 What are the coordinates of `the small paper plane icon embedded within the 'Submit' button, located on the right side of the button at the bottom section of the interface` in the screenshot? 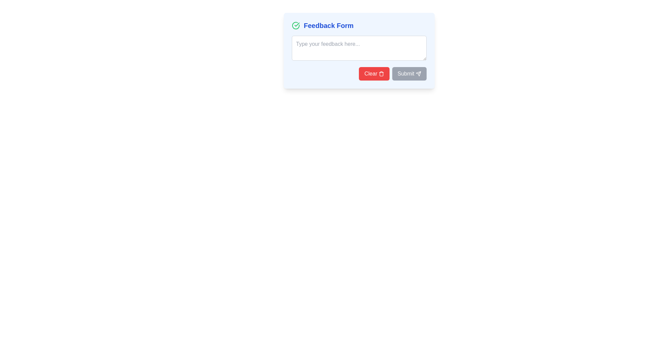 It's located at (418, 74).